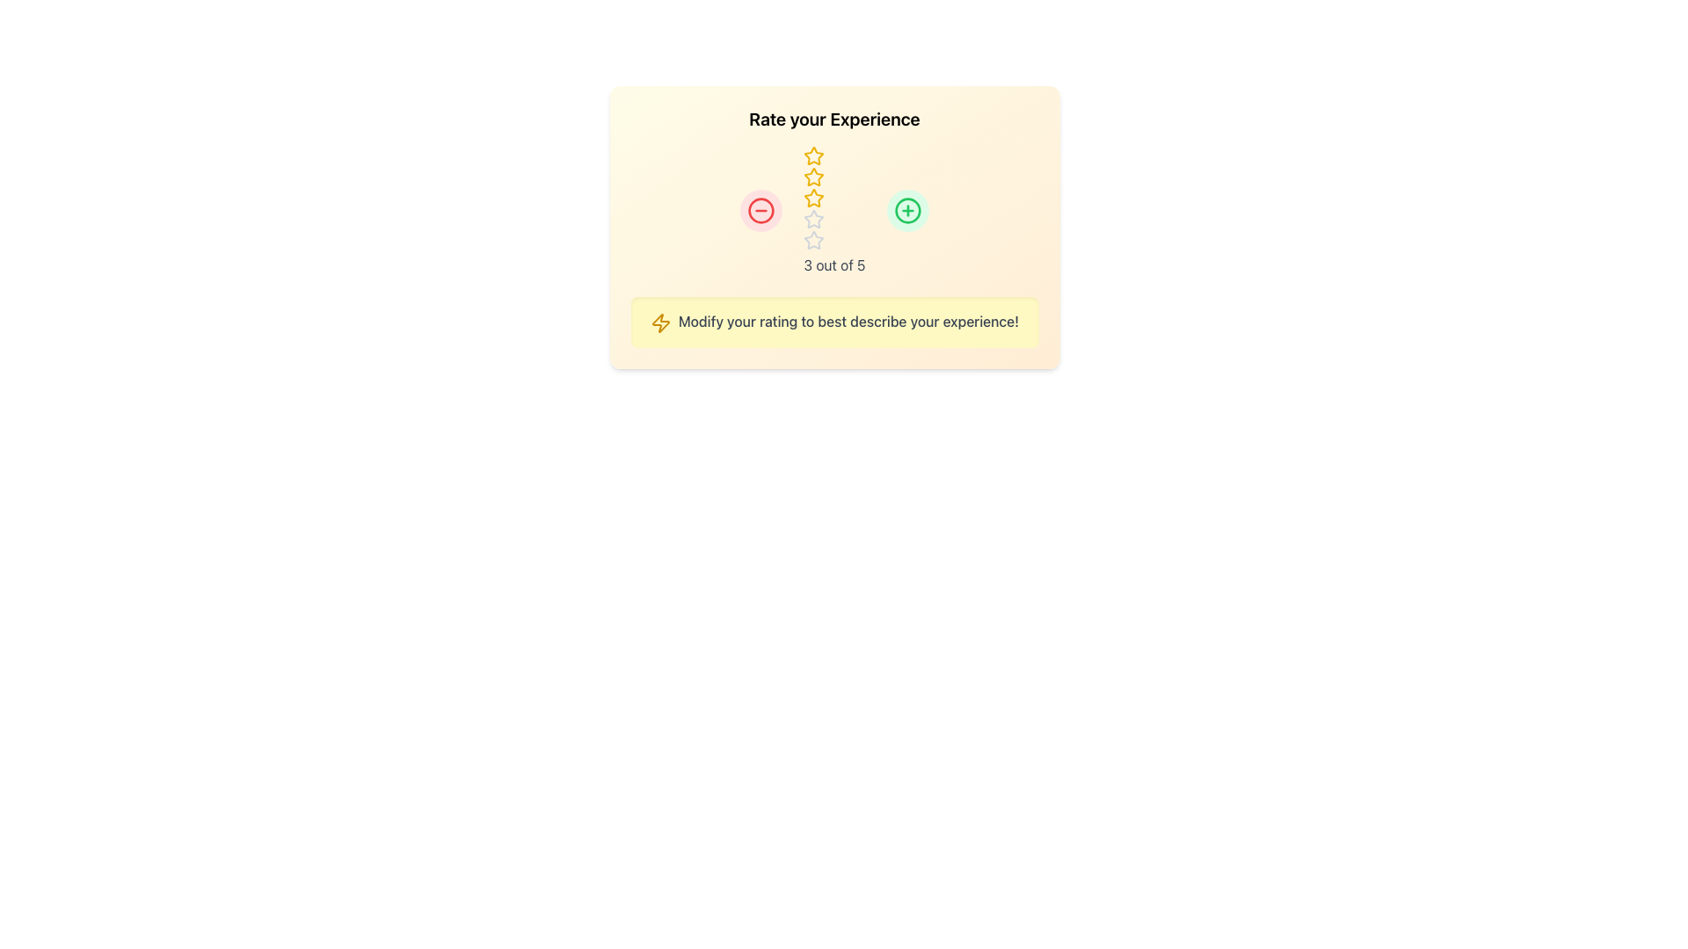 The width and height of the screenshot is (1688, 949). What do you see at coordinates (659, 322) in the screenshot?
I see `the lightning bolt icon located within the yellow highlight area at the bottom of the 'Rate your Experience' card, positioned directly to the left of the text block that reads 'Modify your rating to best describe your experience!'` at bounding box center [659, 322].